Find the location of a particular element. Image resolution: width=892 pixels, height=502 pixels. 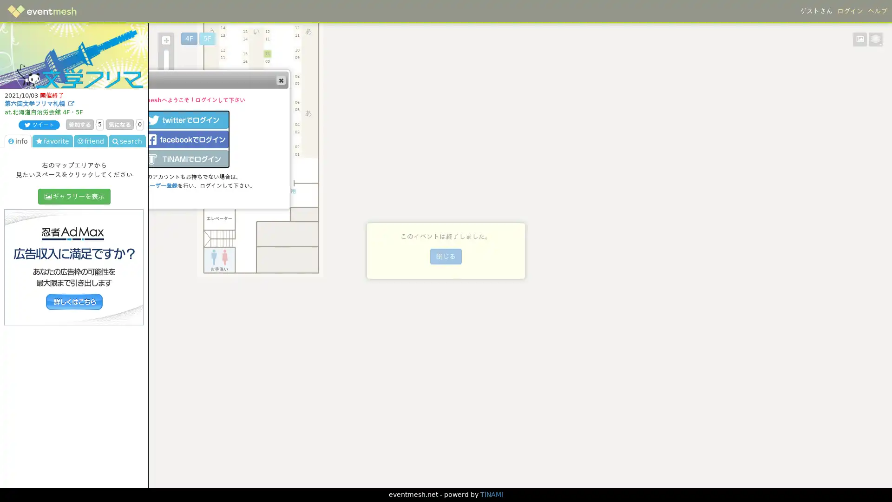

5F is located at coordinates (207, 38).